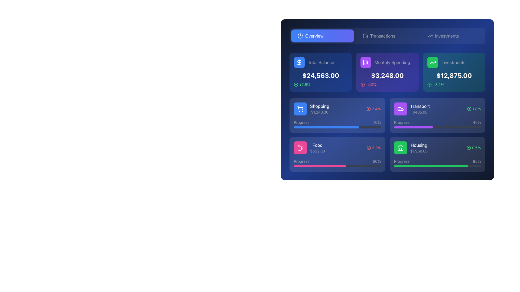 The image size is (520, 292). I want to click on the currency icon located in the top-left section of the interface within the 'Total Balance' card segment, so click(299, 62).